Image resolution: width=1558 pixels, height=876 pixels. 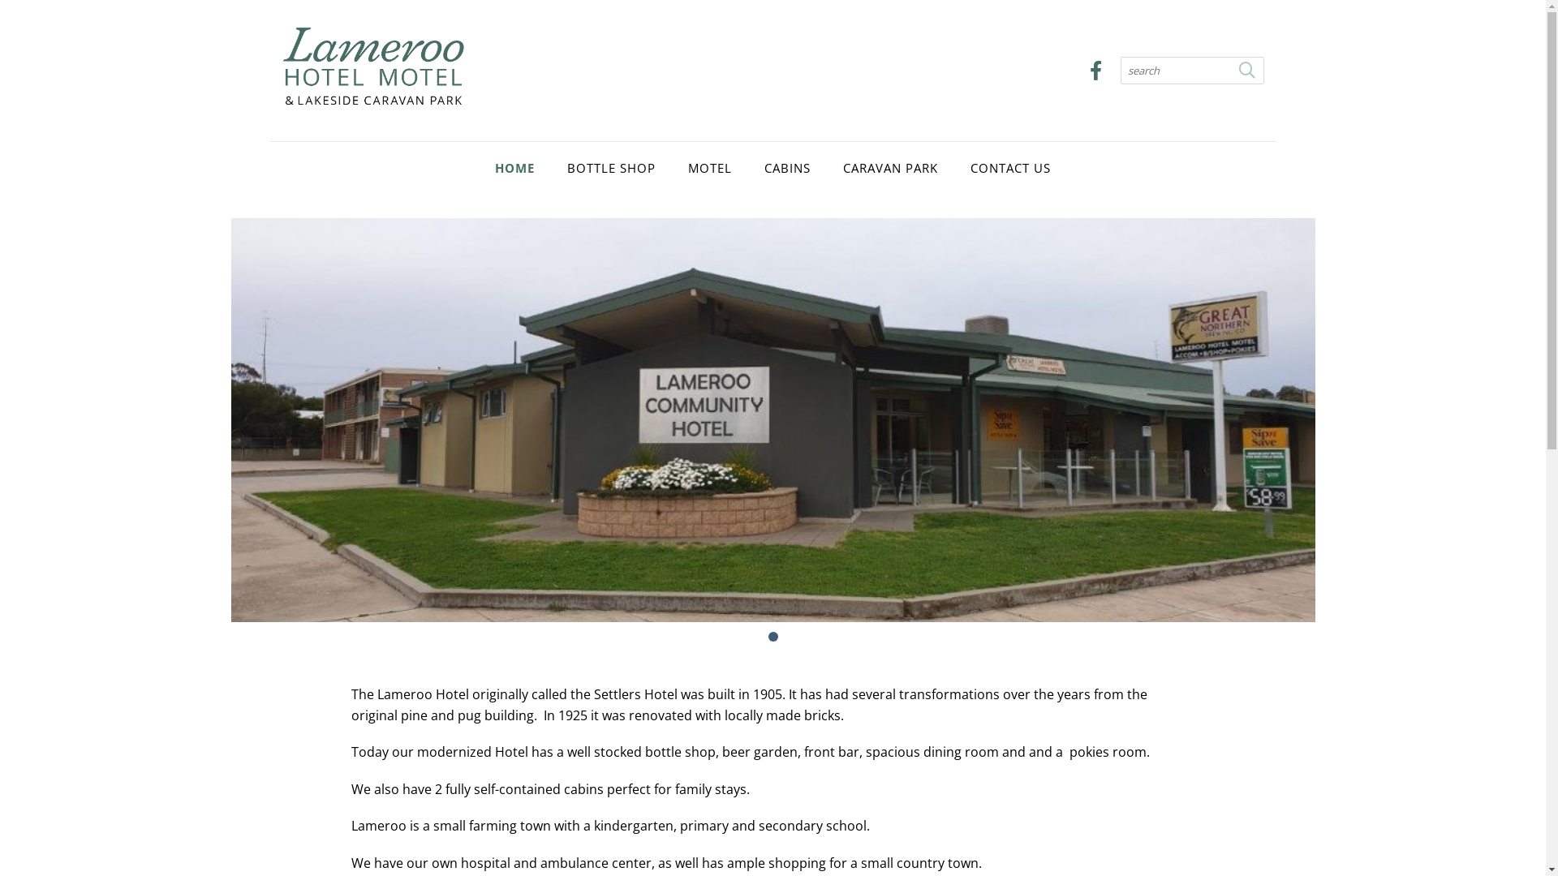 I want to click on '1', so click(x=771, y=636).